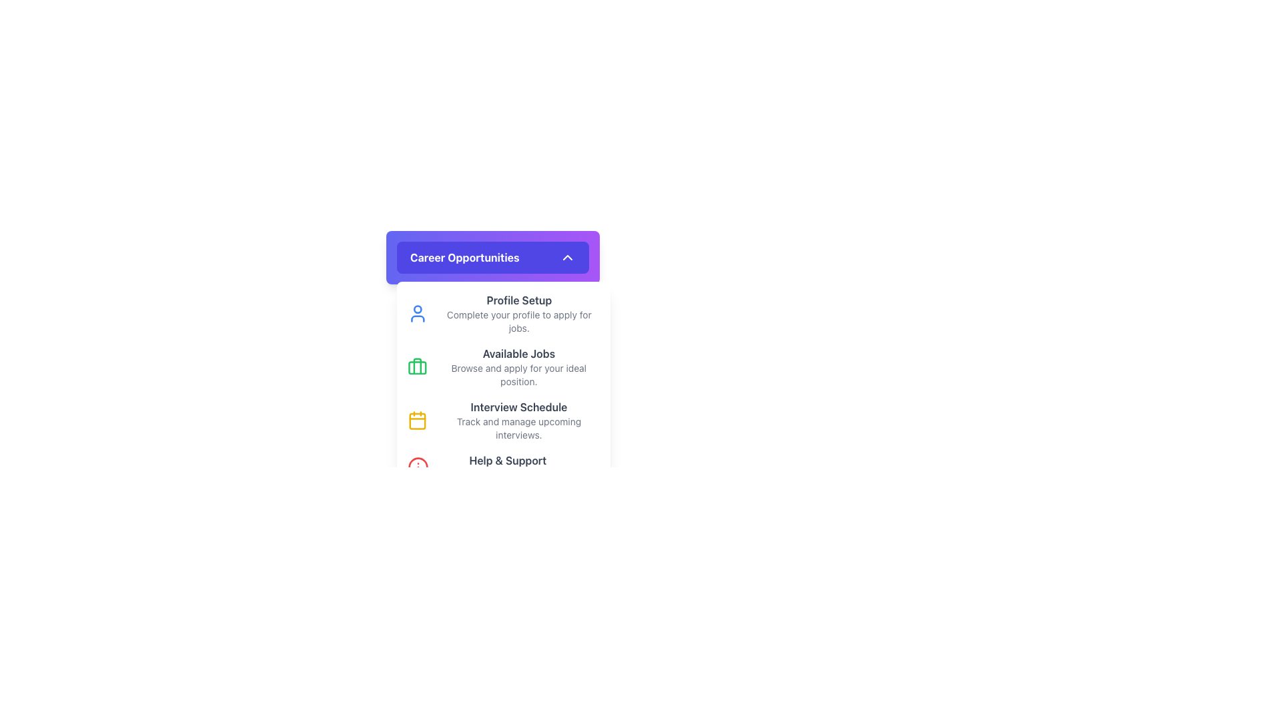  Describe the element at coordinates (502, 367) in the screenshot. I see `the 'Available Jobs' section header` at that location.